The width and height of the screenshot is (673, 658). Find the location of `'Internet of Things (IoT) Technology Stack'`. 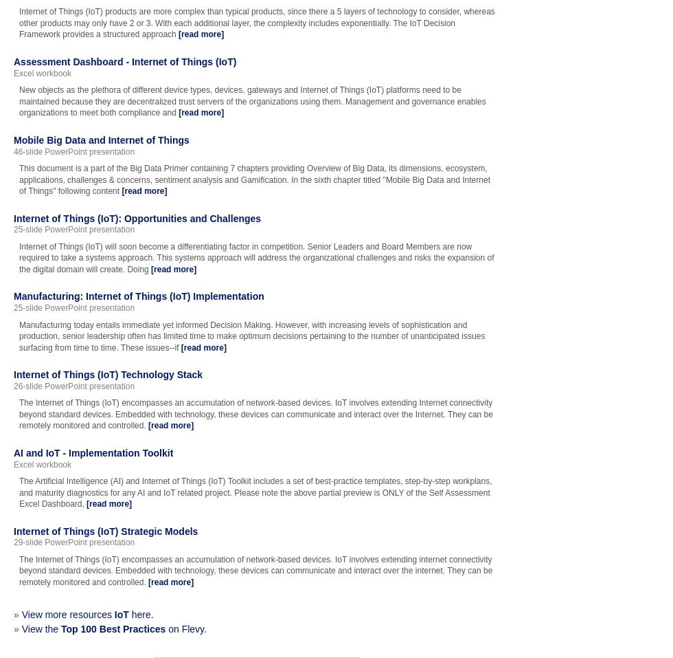

'Internet of Things (IoT) Technology Stack' is located at coordinates (108, 375).